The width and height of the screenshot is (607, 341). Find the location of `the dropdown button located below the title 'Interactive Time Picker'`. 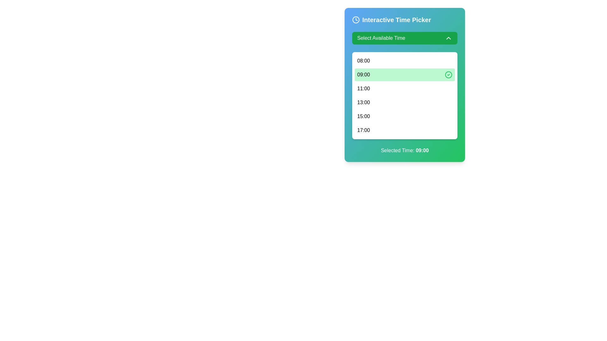

the dropdown button located below the title 'Interactive Time Picker' is located at coordinates (405, 38).